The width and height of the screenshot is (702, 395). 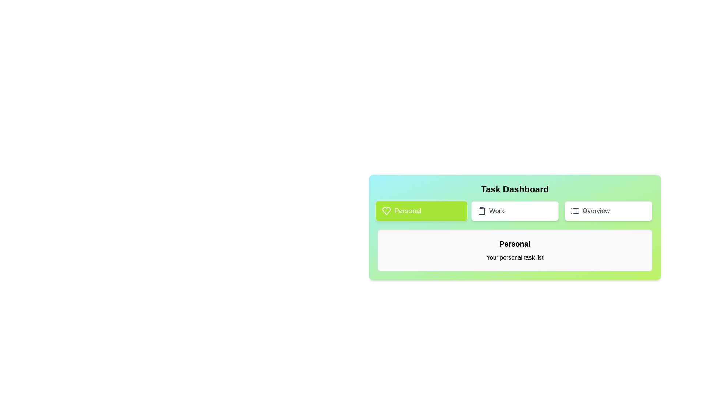 What do you see at coordinates (608, 211) in the screenshot?
I see `the Overview tab` at bounding box center [608, 211].